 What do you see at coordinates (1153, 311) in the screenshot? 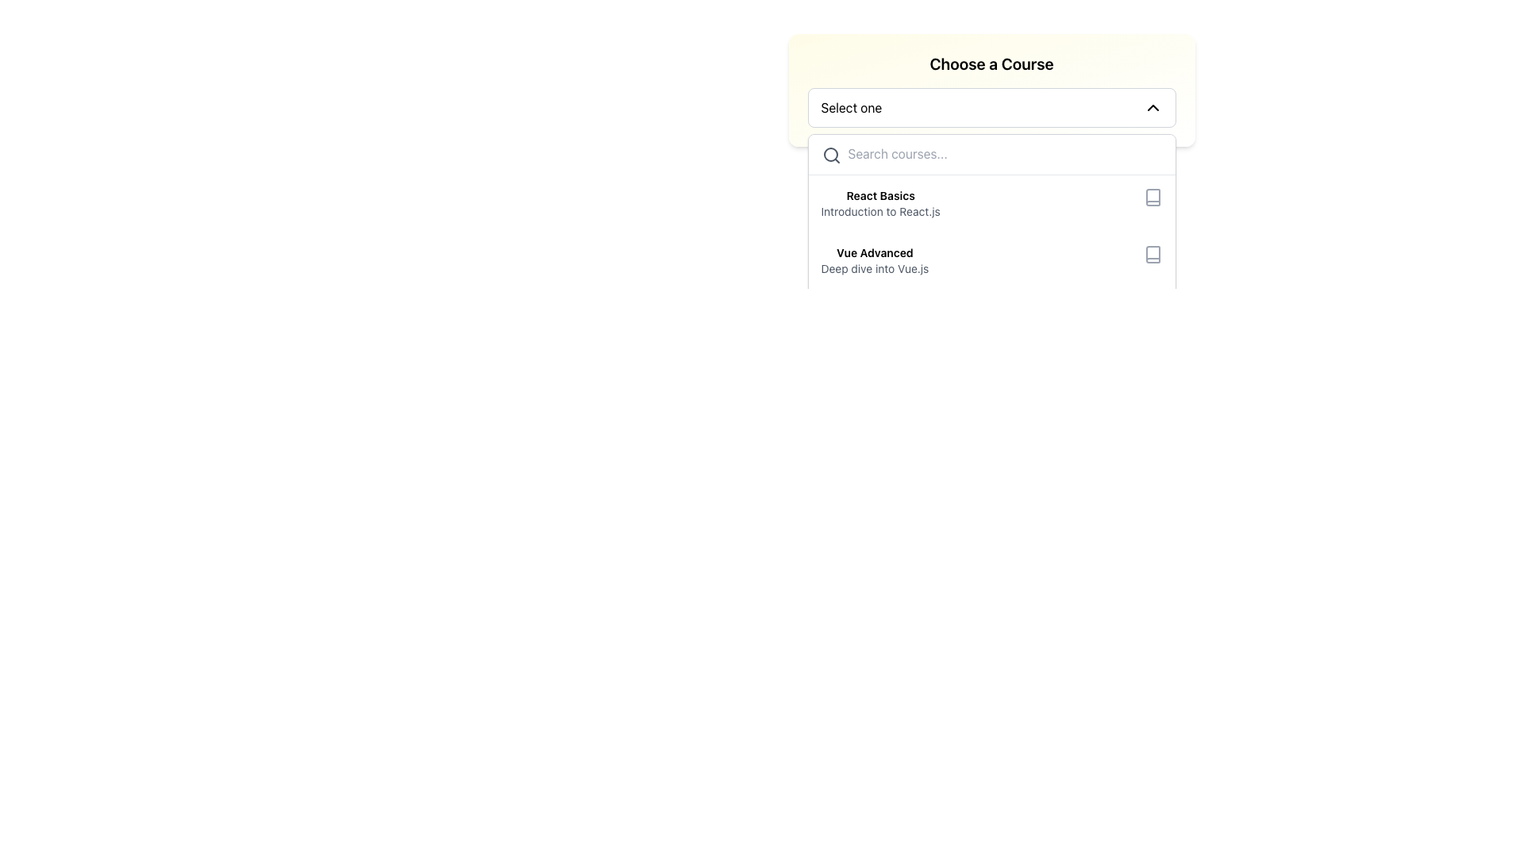
I see `the graphical representation of the book icon, which is a hollow outline styled in gray, located at the bottom right of the dropdown list` at bounding box center [1153, 311].